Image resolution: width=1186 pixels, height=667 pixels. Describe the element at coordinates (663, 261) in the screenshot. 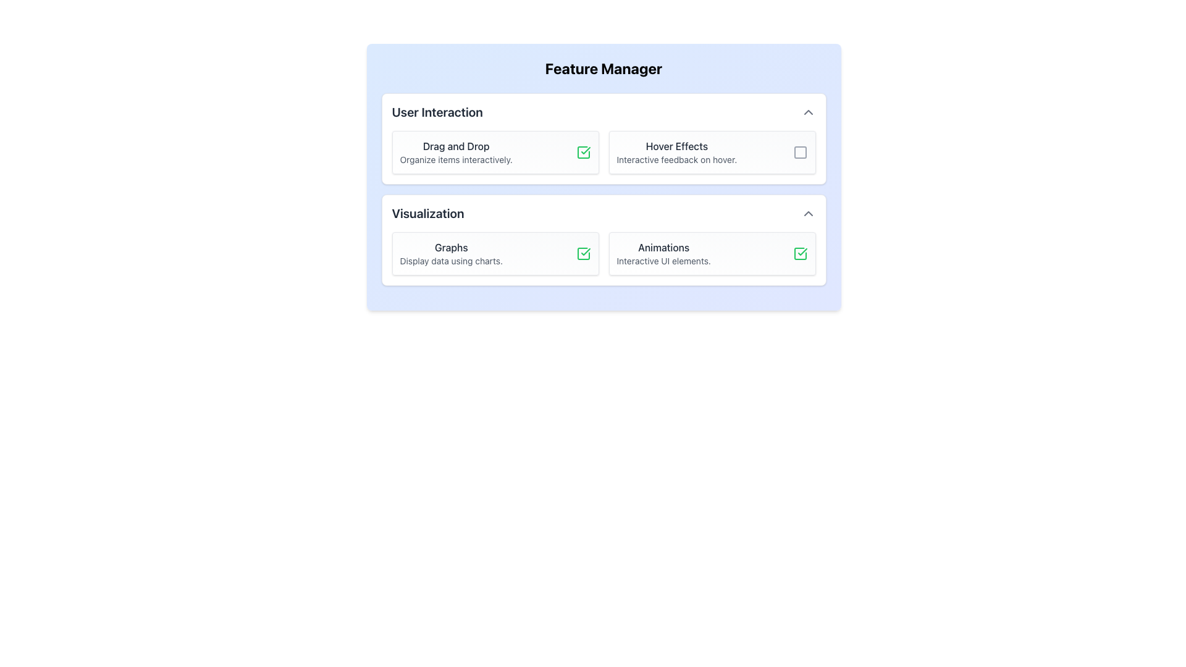

I see `the label displaying the text 'Interactive UI elements.' which is located beneath the bolded 'Animations' label in the 'Visualization' section of the 'Feature Manager' interface` at that location.